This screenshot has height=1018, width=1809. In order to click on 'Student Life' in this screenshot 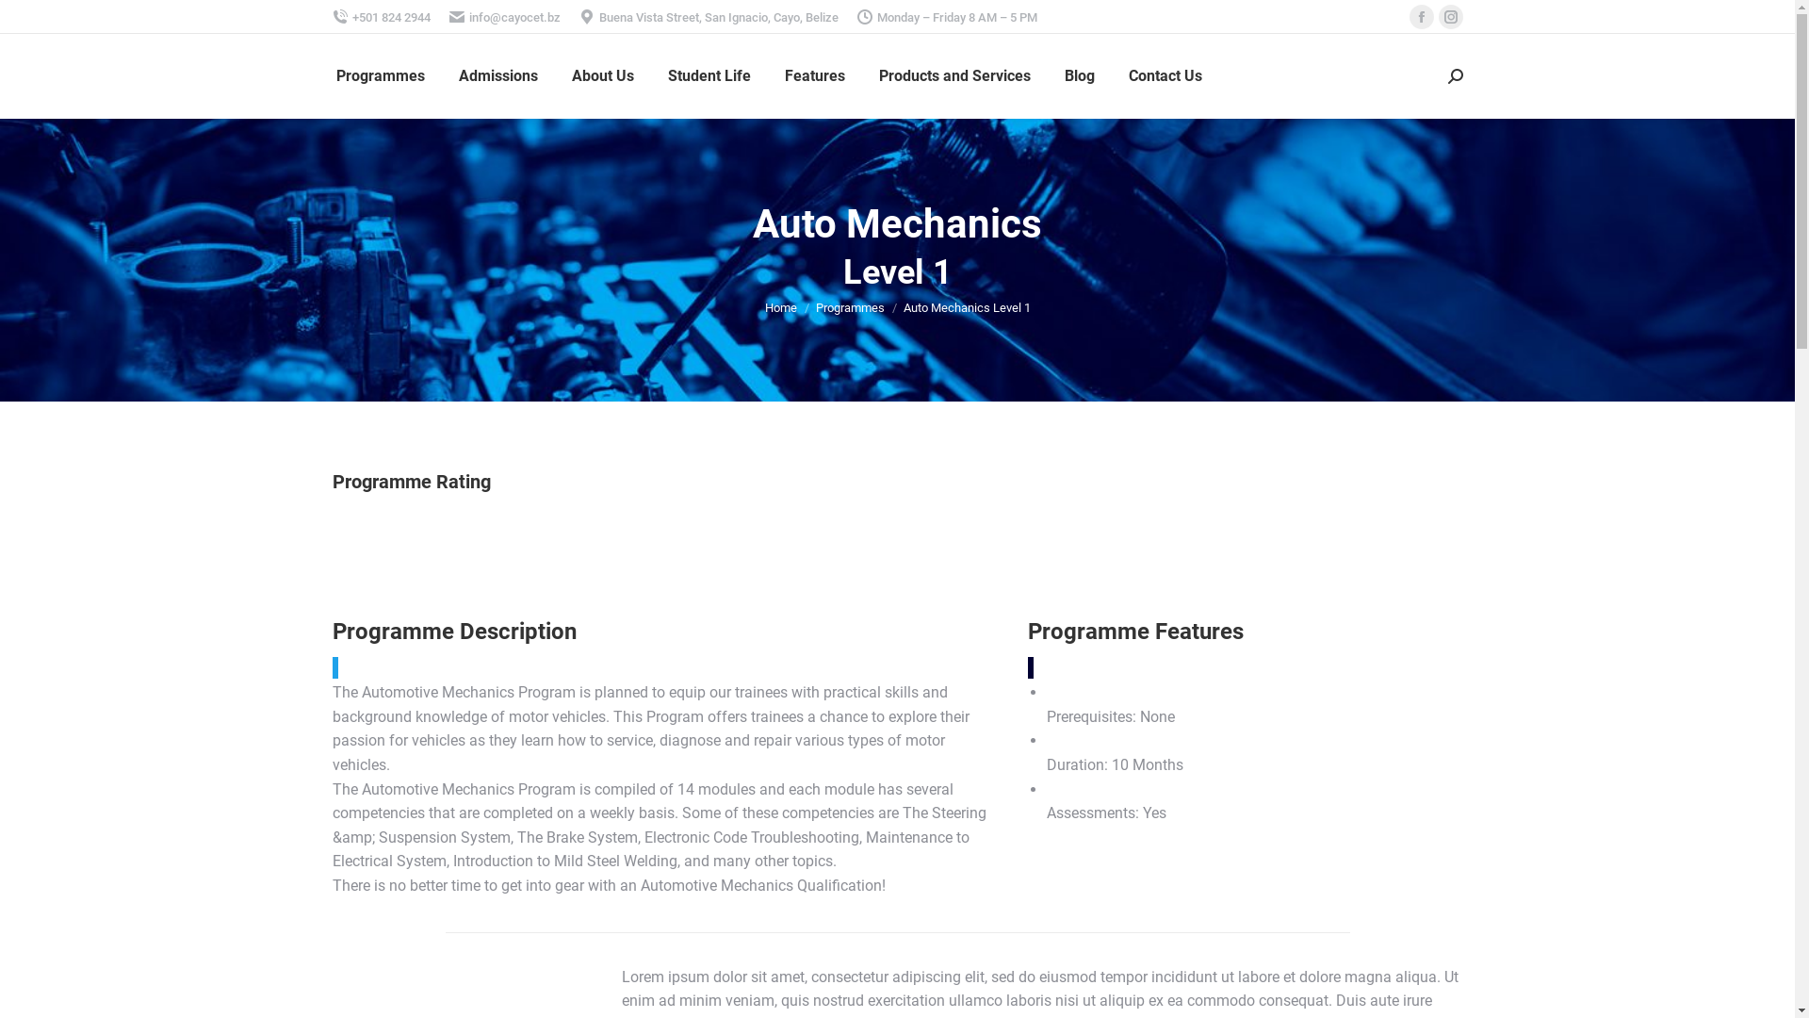, I will do `click(708, 75)`.